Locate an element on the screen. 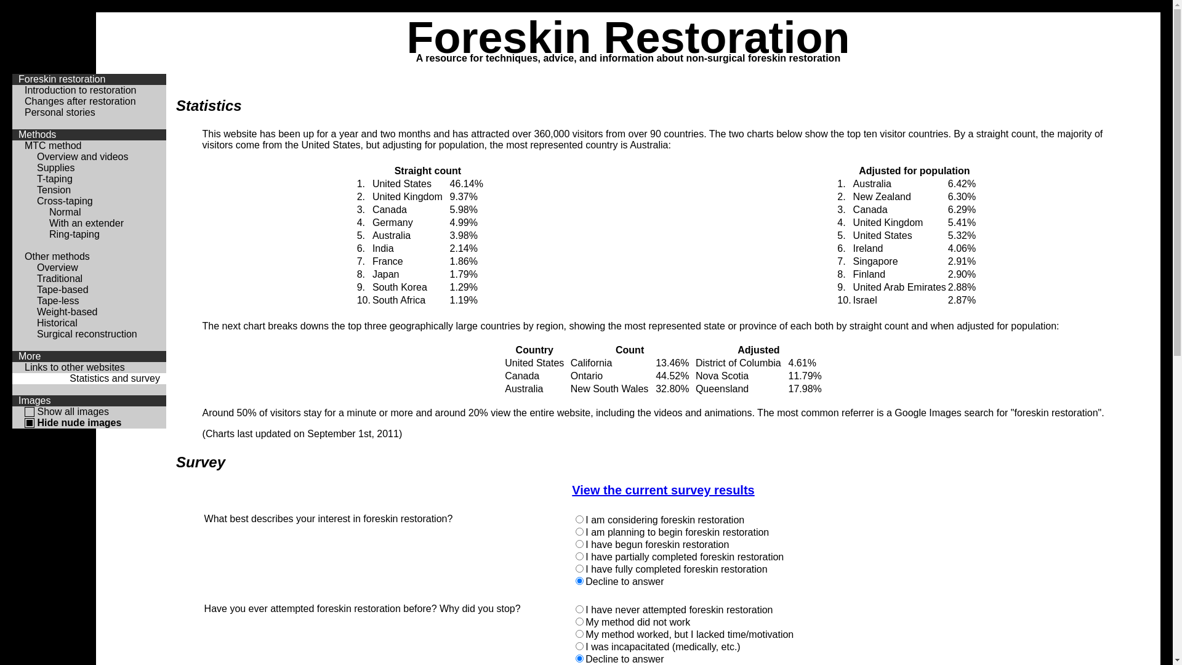 The height and width of the screenshot is (665, 1182). 'Changes after restoration' is located at coordinates (79, 100).